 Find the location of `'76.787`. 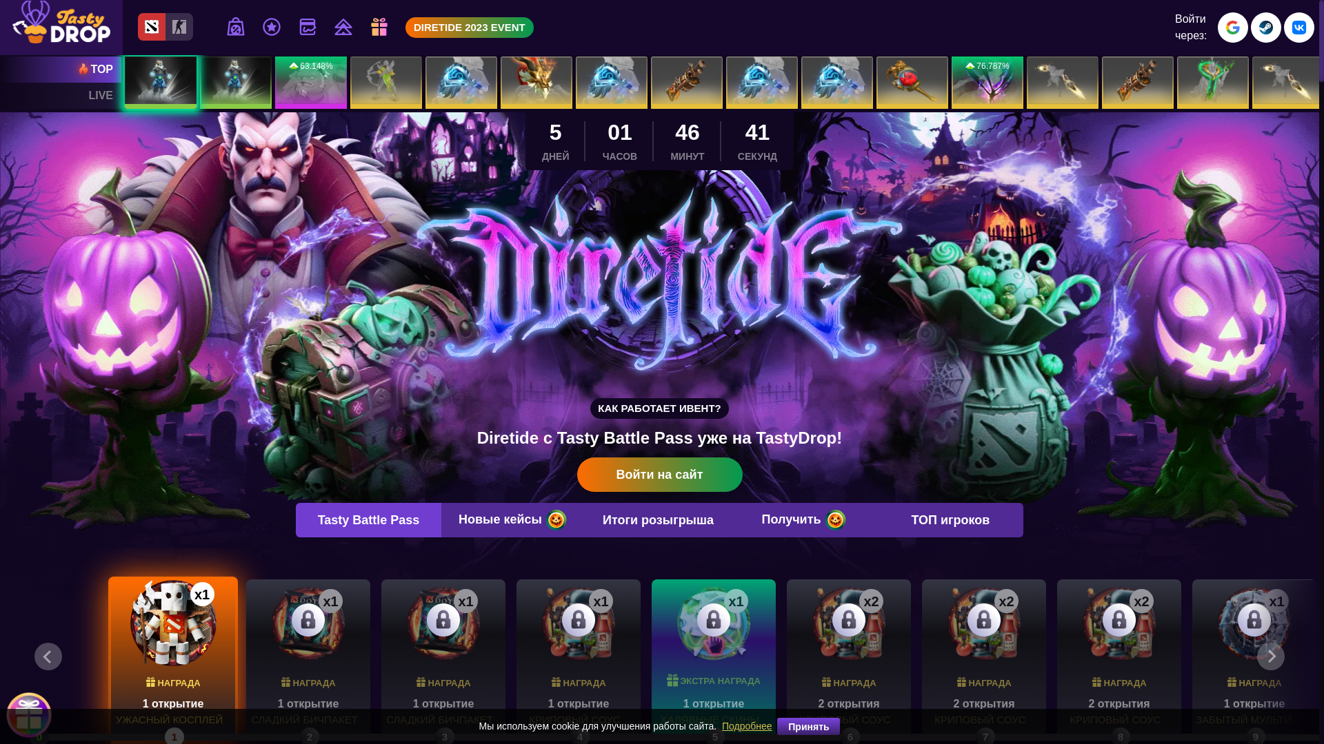

'76.787 is located at coordinates (986, 82).